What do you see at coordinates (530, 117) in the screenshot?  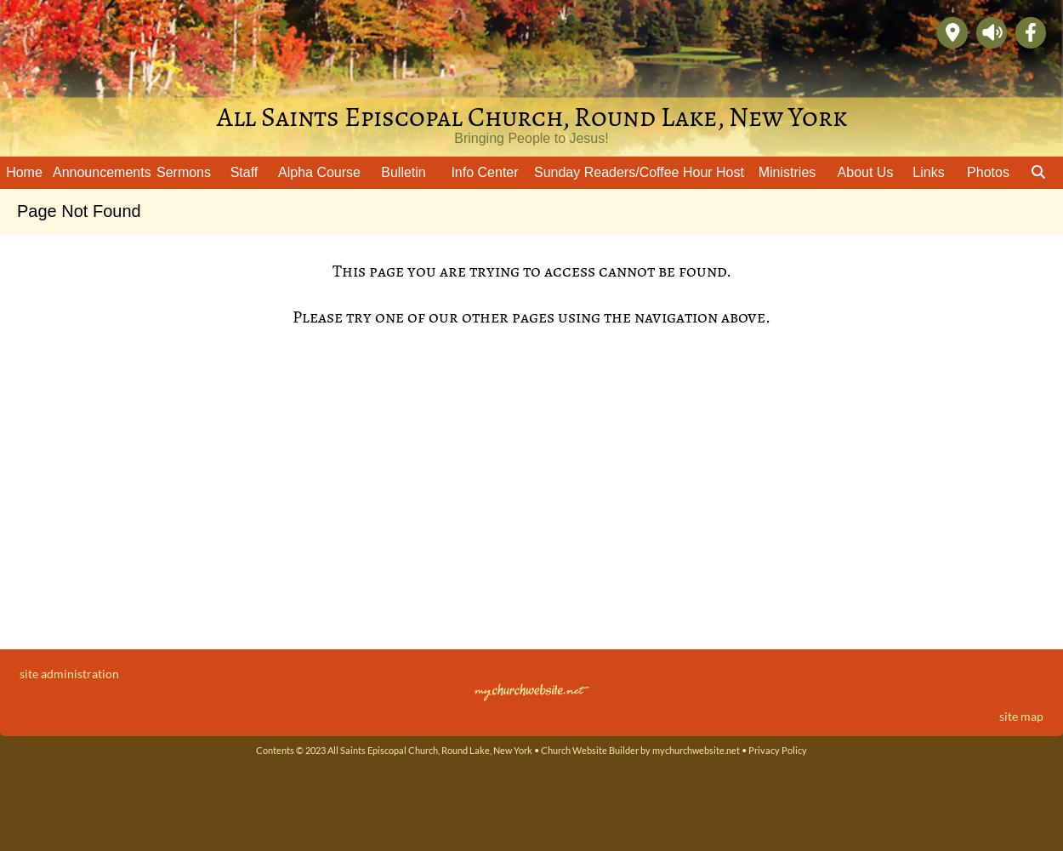 I see `'All Saints Episcopal Church, Round Lake, New York'` at bounding box center [530, 117].